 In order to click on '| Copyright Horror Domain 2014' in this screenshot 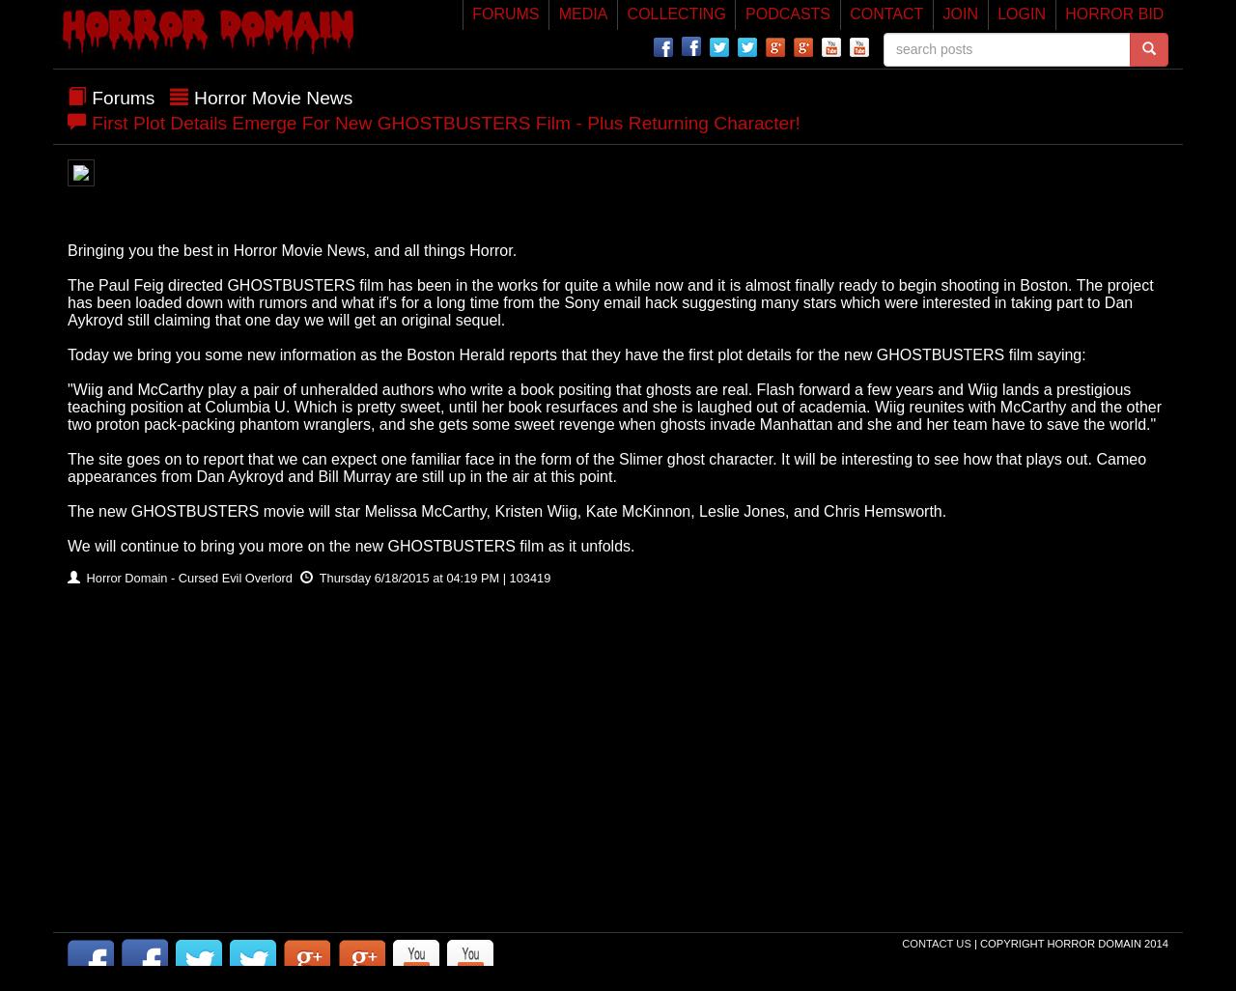, I will do `click(1069, 942)`.